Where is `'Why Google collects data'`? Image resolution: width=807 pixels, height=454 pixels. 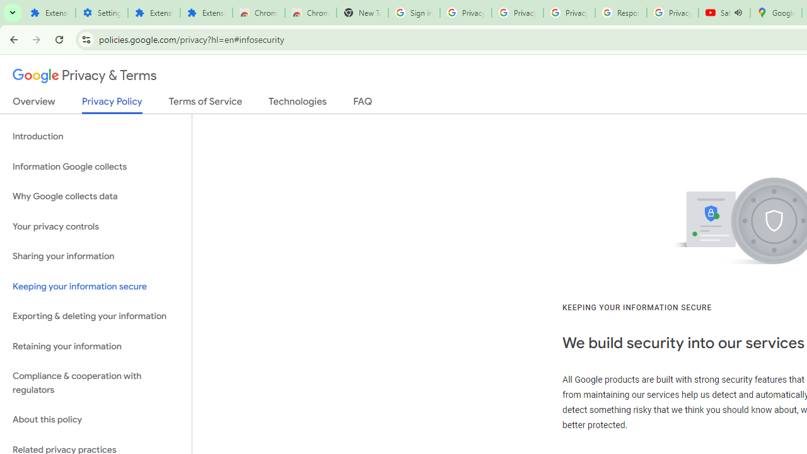 'Why Google collects data' is located at coordinates (95, 197).